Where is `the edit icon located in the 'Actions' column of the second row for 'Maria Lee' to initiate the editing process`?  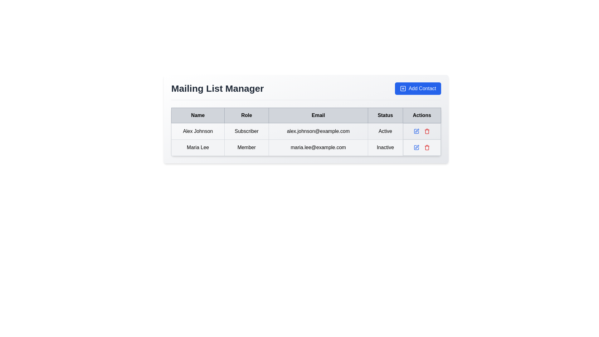 the edit icon located in the 'Actions' column of the second row for 'Maria Lee' to initiate the editing process is located at coordinates (417, 130).